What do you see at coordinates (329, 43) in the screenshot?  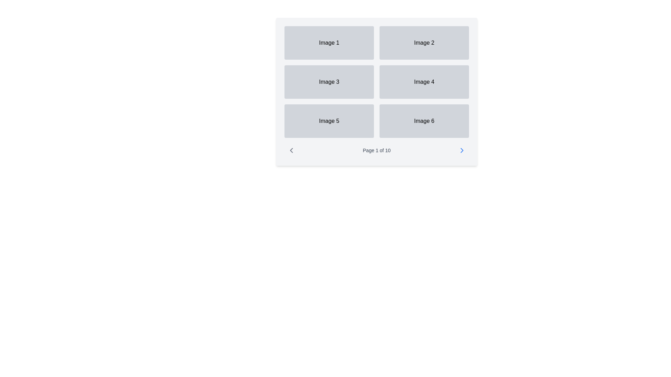 I see `the static visual representation labeled 'Image 1', which is located in the top-left corner of a 2-column grid layout` at bounding box center [329, 43].